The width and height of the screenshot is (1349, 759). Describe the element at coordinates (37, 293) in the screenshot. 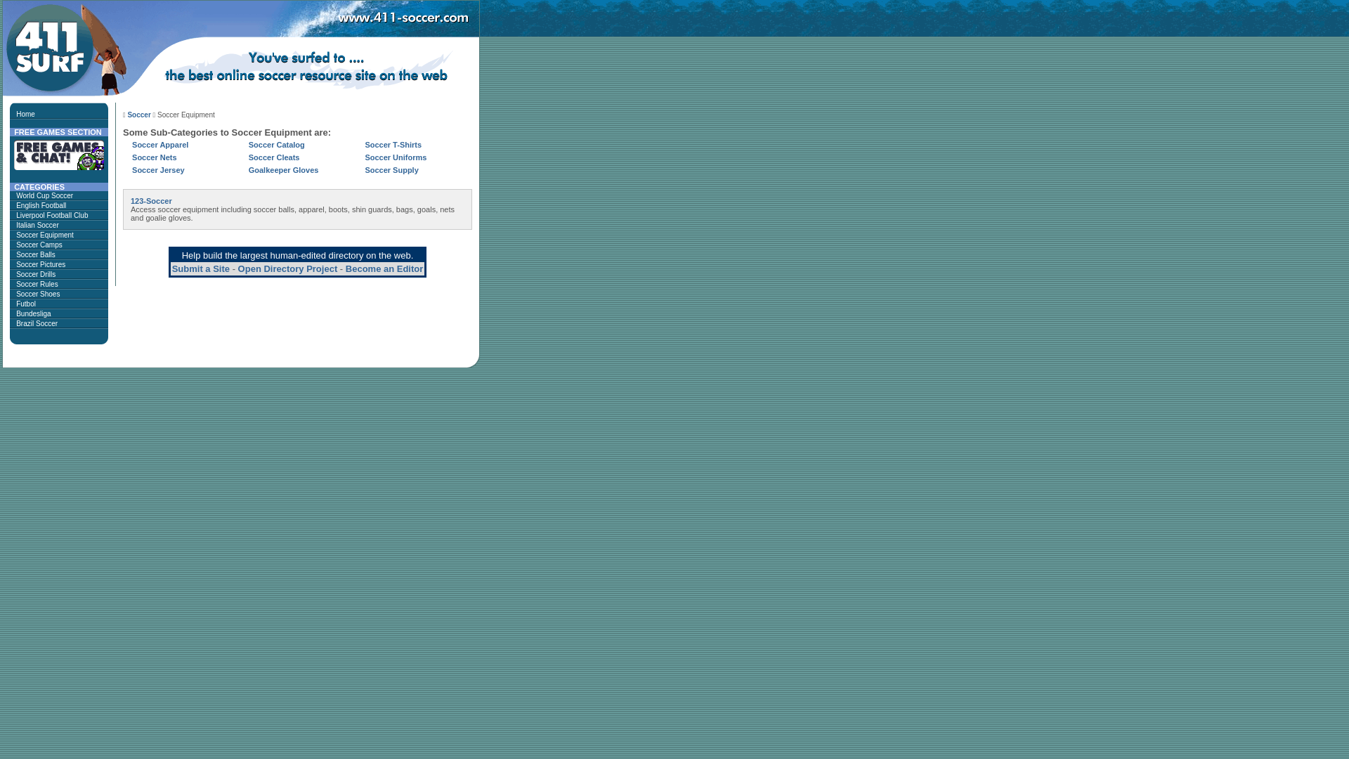

I see `'Soccer Shoes'` at that location.